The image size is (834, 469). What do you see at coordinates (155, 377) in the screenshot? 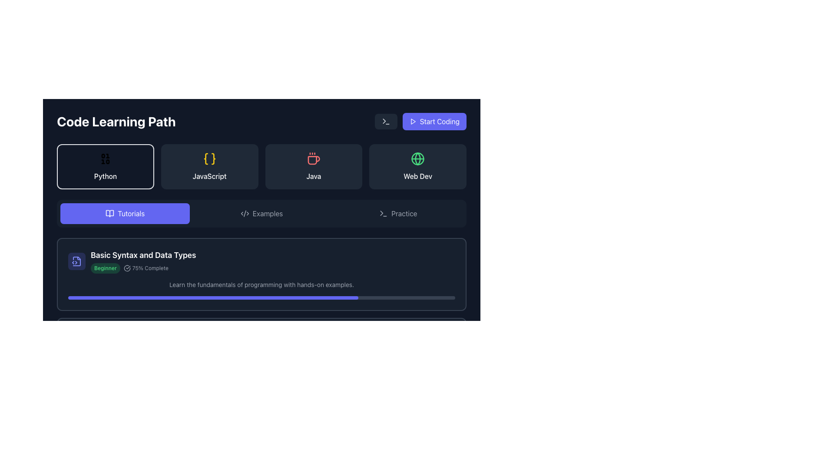
I see `the visually filled blue-indigo Progress Bar located at the bottom of the interface beneath the 'Basic Syntax and Data Types' section` at bounding box center [155, 377].